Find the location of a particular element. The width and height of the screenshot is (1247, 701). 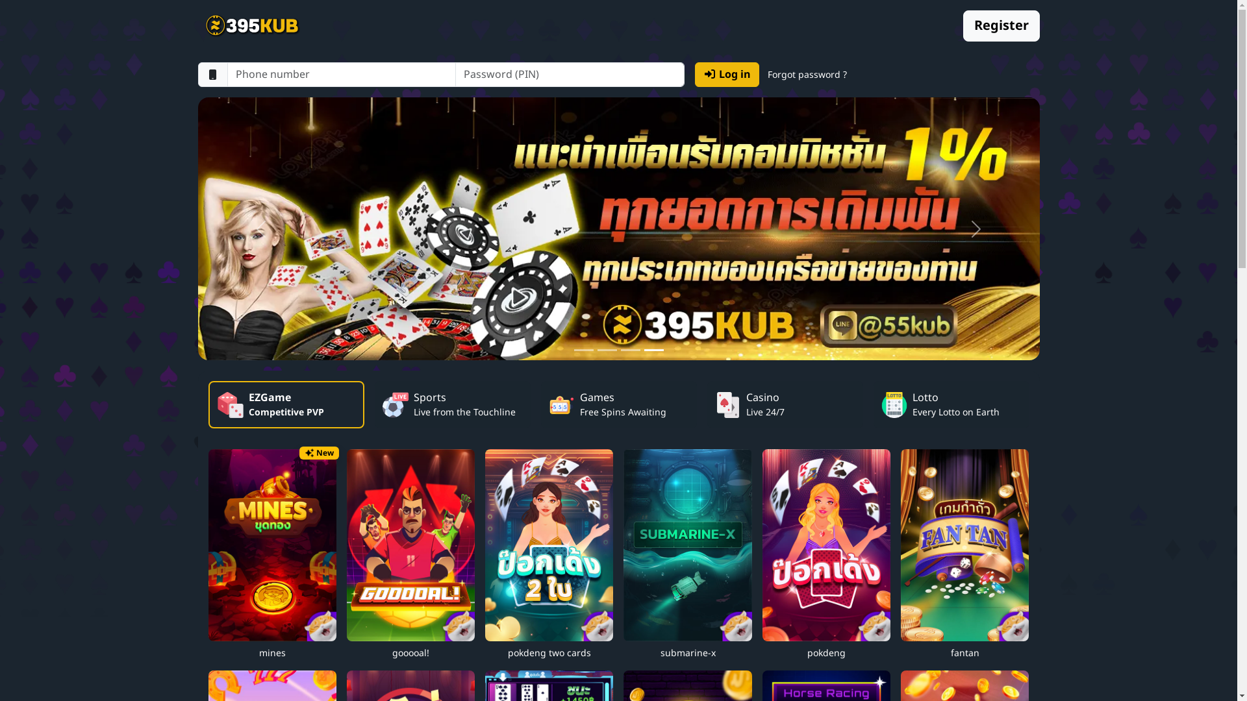

'fantan' is located at coordinates (964, 554).